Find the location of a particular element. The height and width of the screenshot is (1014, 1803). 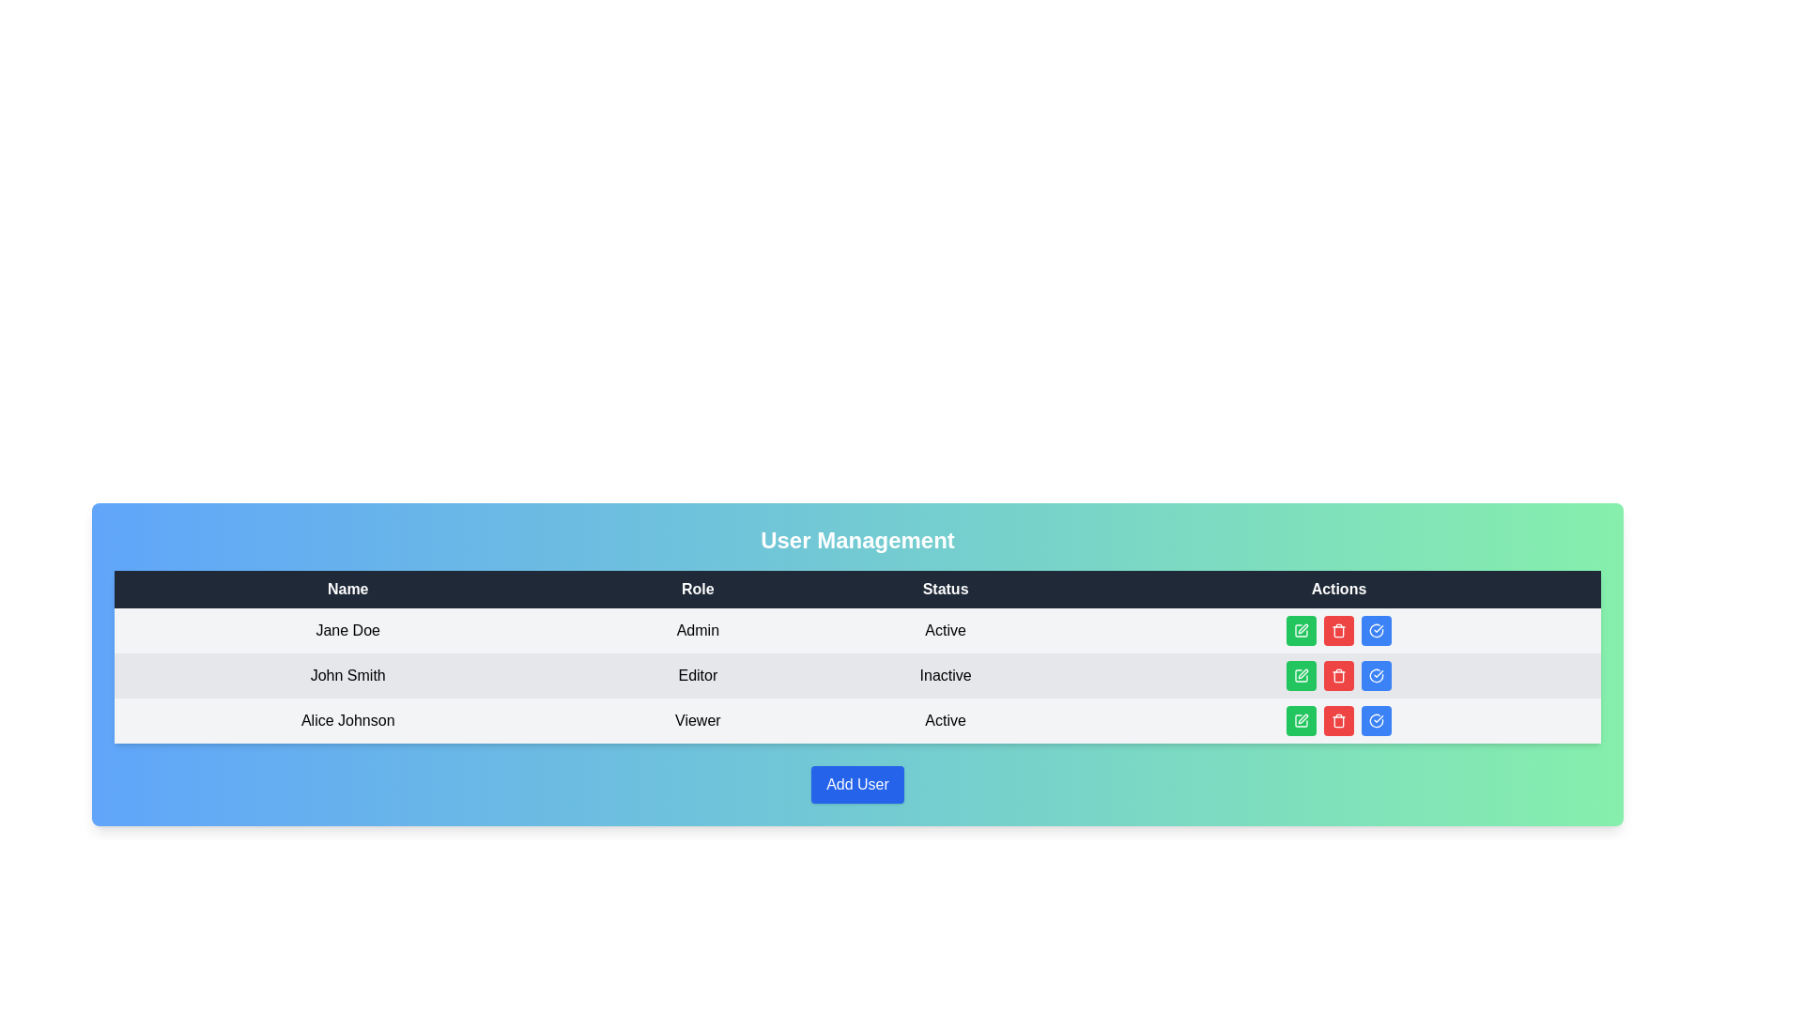

the table row representing user 'Alice Johnson' in the user management table is located at coordinates (856, 719).